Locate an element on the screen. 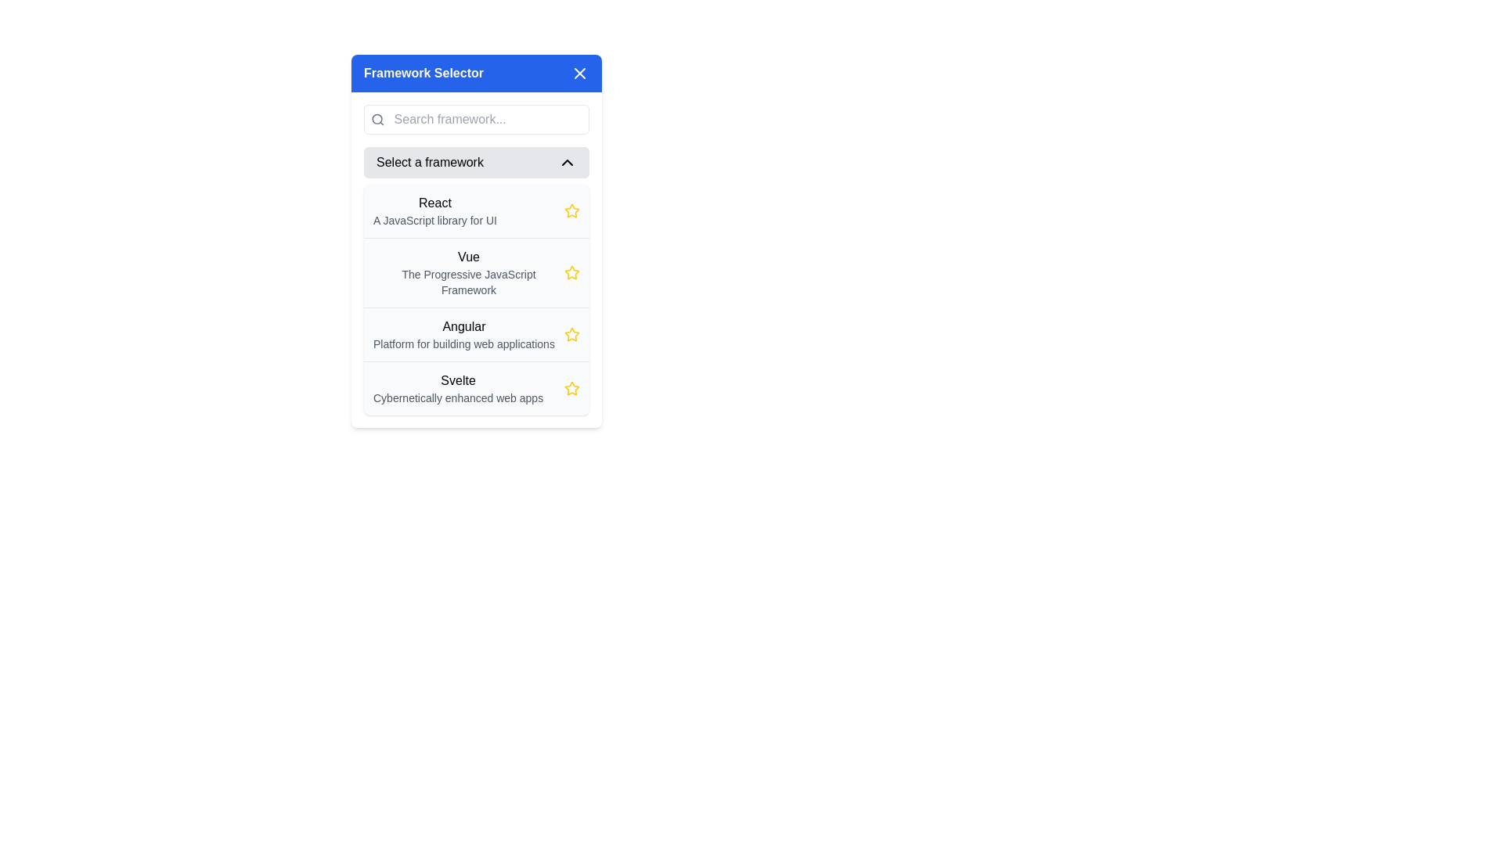  the yellow outlined star icon in the framework selector dialog next to the 'React' row to mark it as selected or starred is located at coordinates (570, 210).